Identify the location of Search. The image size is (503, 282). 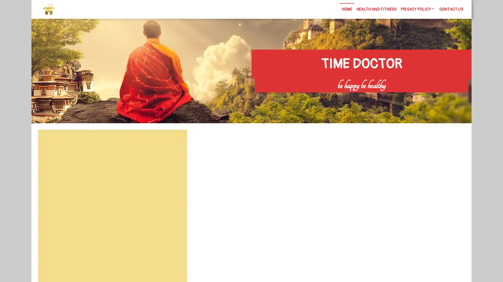
(175, 142).